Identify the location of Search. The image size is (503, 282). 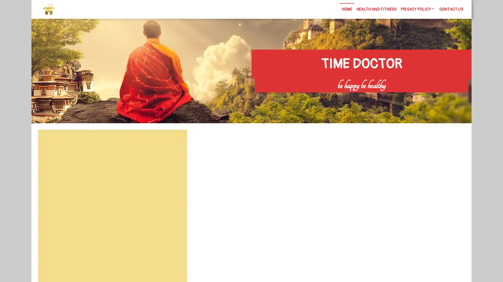
(175, 142).